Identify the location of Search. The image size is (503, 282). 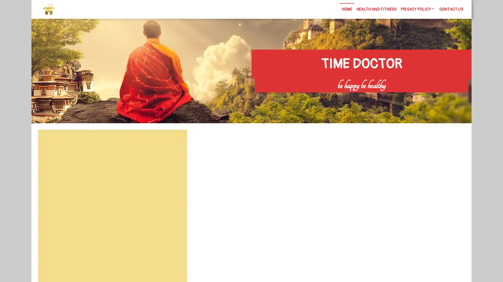
(175, 142).